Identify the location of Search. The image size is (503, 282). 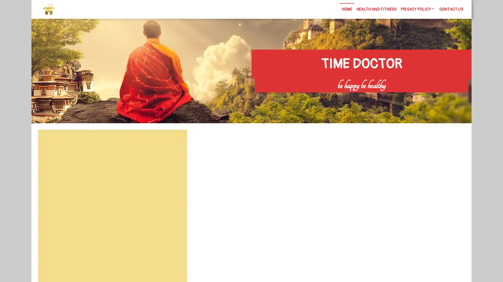
(175, 142).